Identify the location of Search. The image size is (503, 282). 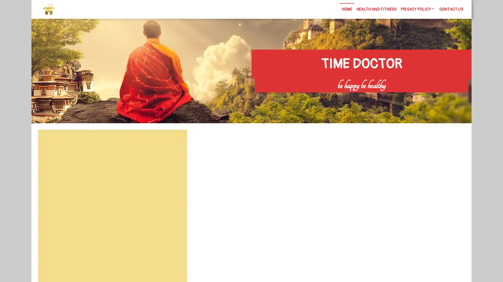
(175, 142).